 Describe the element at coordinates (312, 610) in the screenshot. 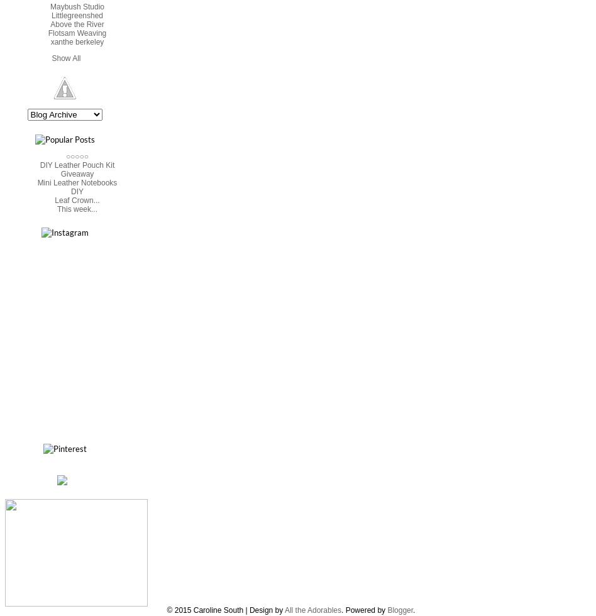

I see `'All the Adorables'` at that location.